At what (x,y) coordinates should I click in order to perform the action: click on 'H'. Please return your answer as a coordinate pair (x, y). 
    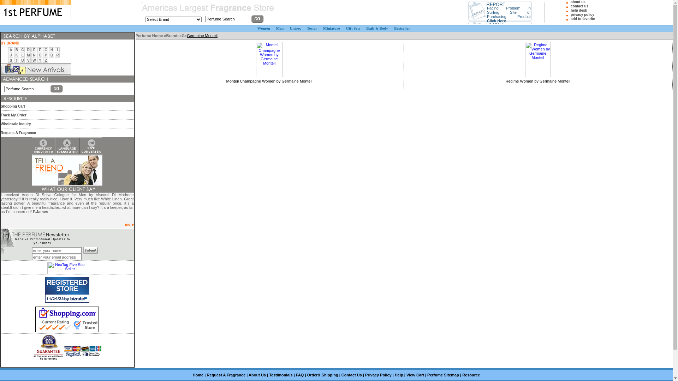
    Looking at the image, I should click on (51, 49).